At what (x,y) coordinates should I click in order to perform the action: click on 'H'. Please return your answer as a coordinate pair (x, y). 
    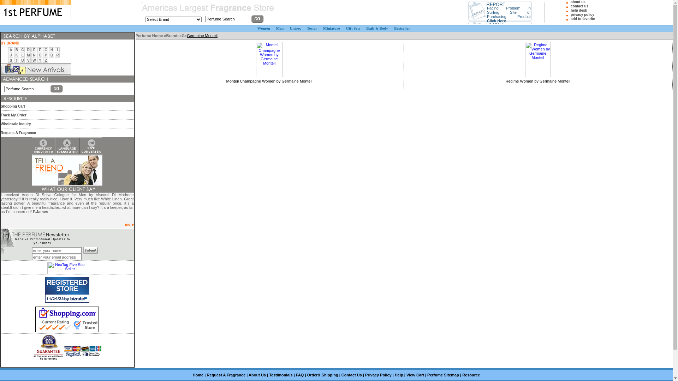
    Looking at the image, I should click on (51, 49).